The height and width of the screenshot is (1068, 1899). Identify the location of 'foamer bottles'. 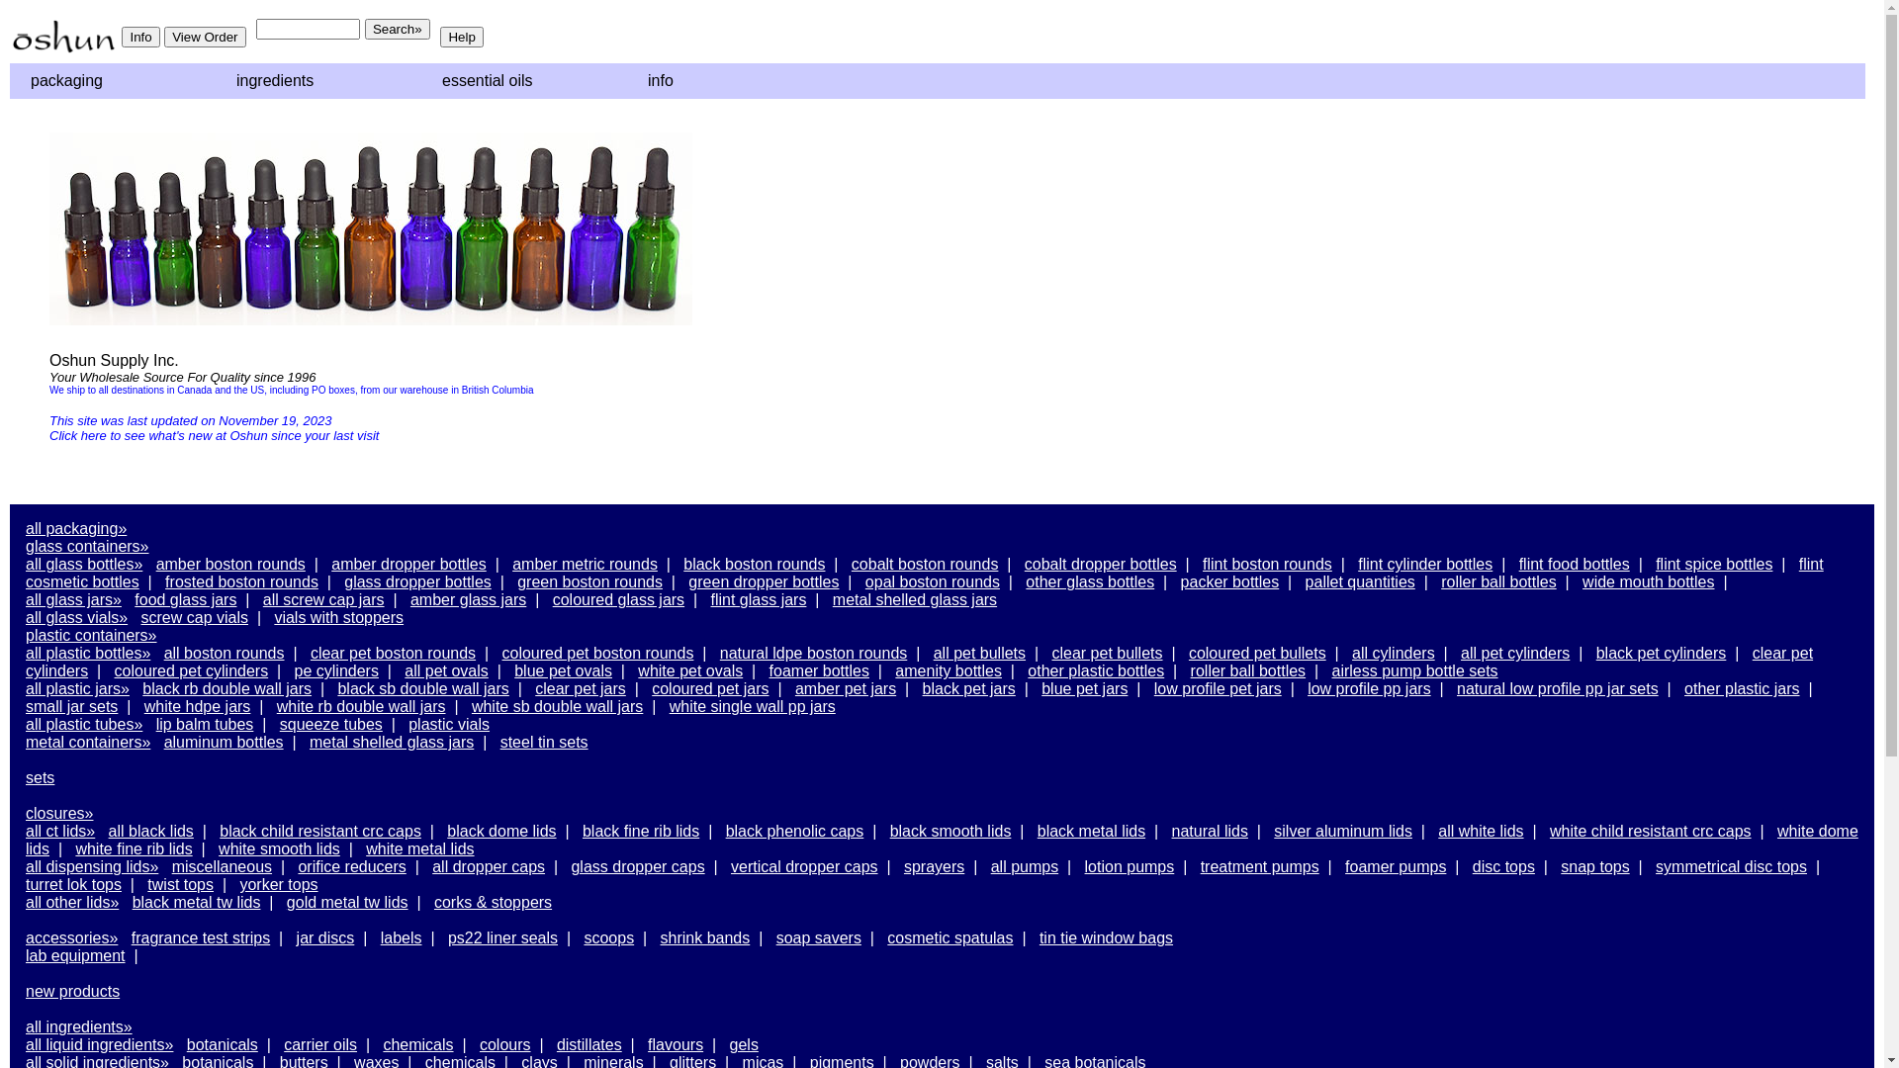
(819, 669).